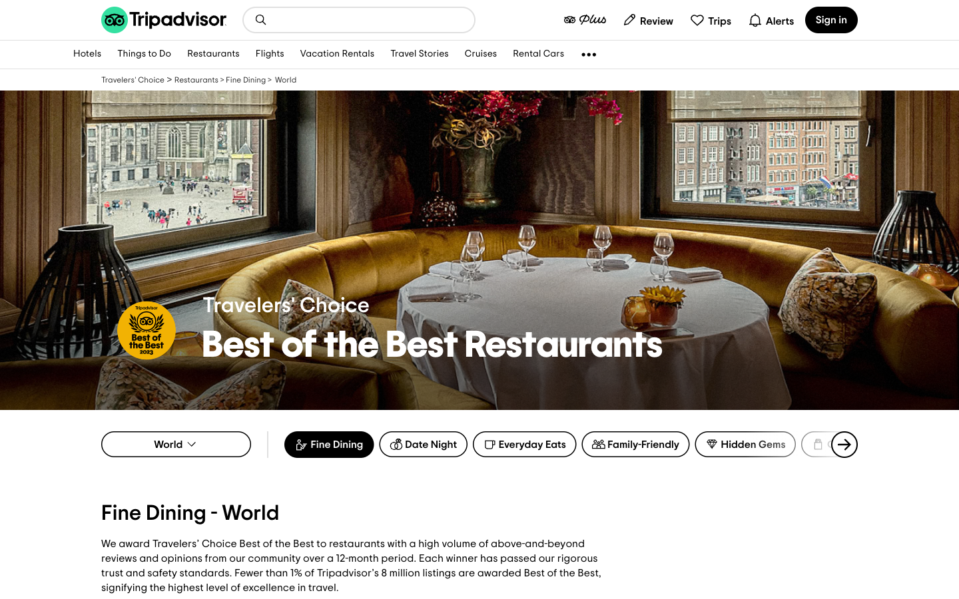  I want to click on plus members page, so click(583, 19).